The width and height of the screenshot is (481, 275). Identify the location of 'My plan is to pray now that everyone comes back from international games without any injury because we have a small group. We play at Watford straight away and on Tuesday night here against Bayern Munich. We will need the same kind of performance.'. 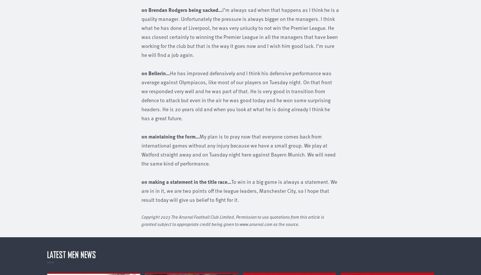
(238, 149).